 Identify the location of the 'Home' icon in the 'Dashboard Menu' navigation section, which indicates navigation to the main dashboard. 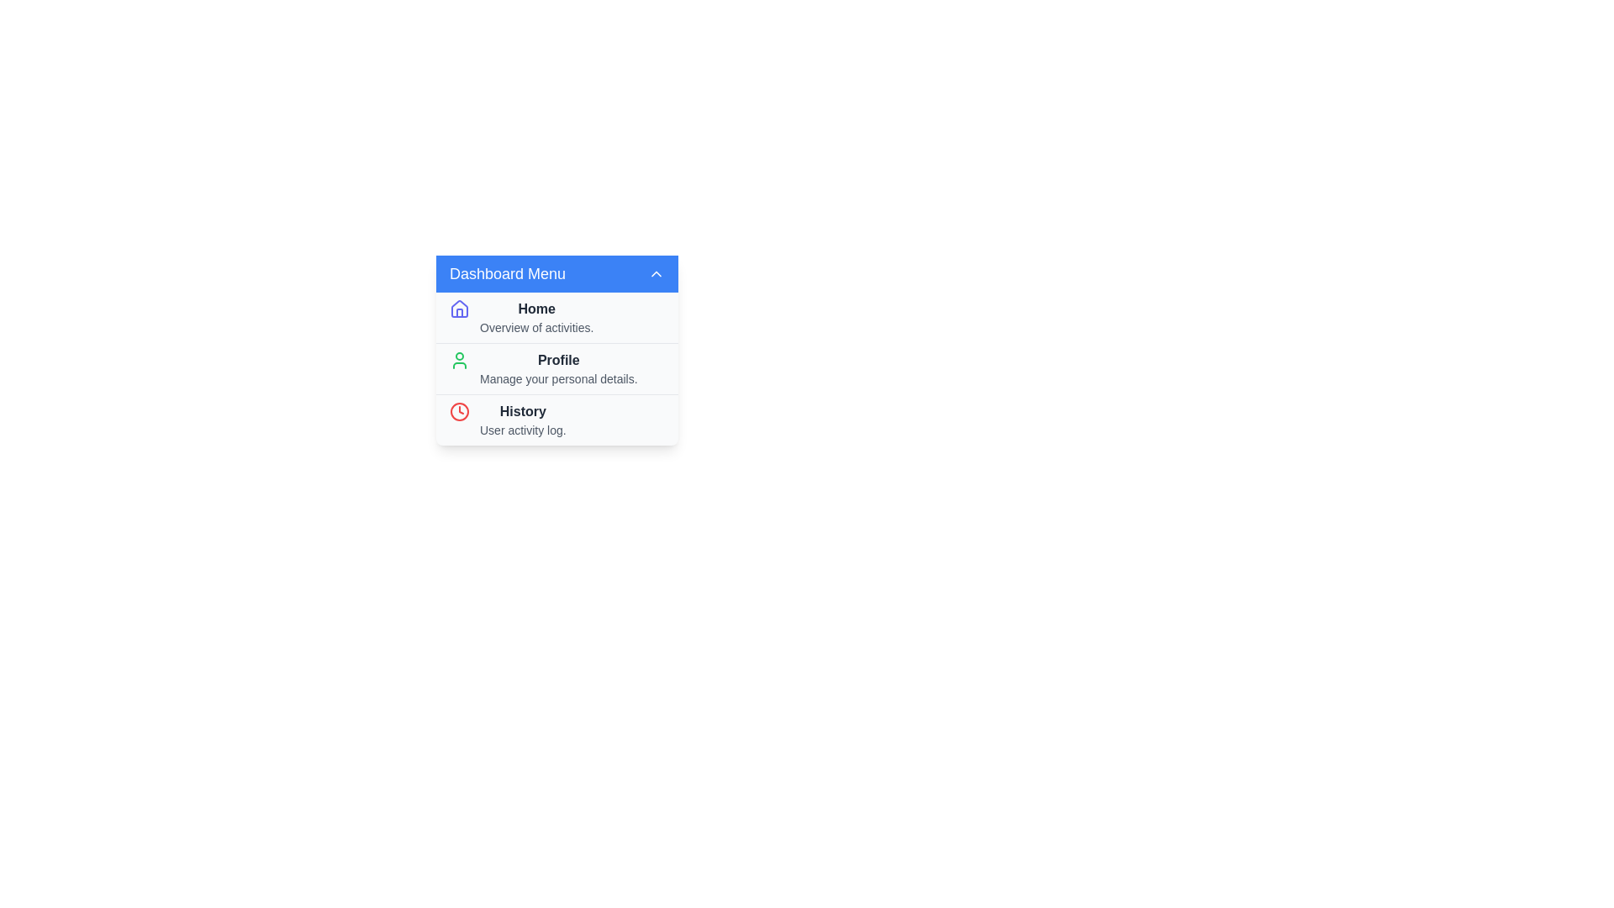
(460, 308).